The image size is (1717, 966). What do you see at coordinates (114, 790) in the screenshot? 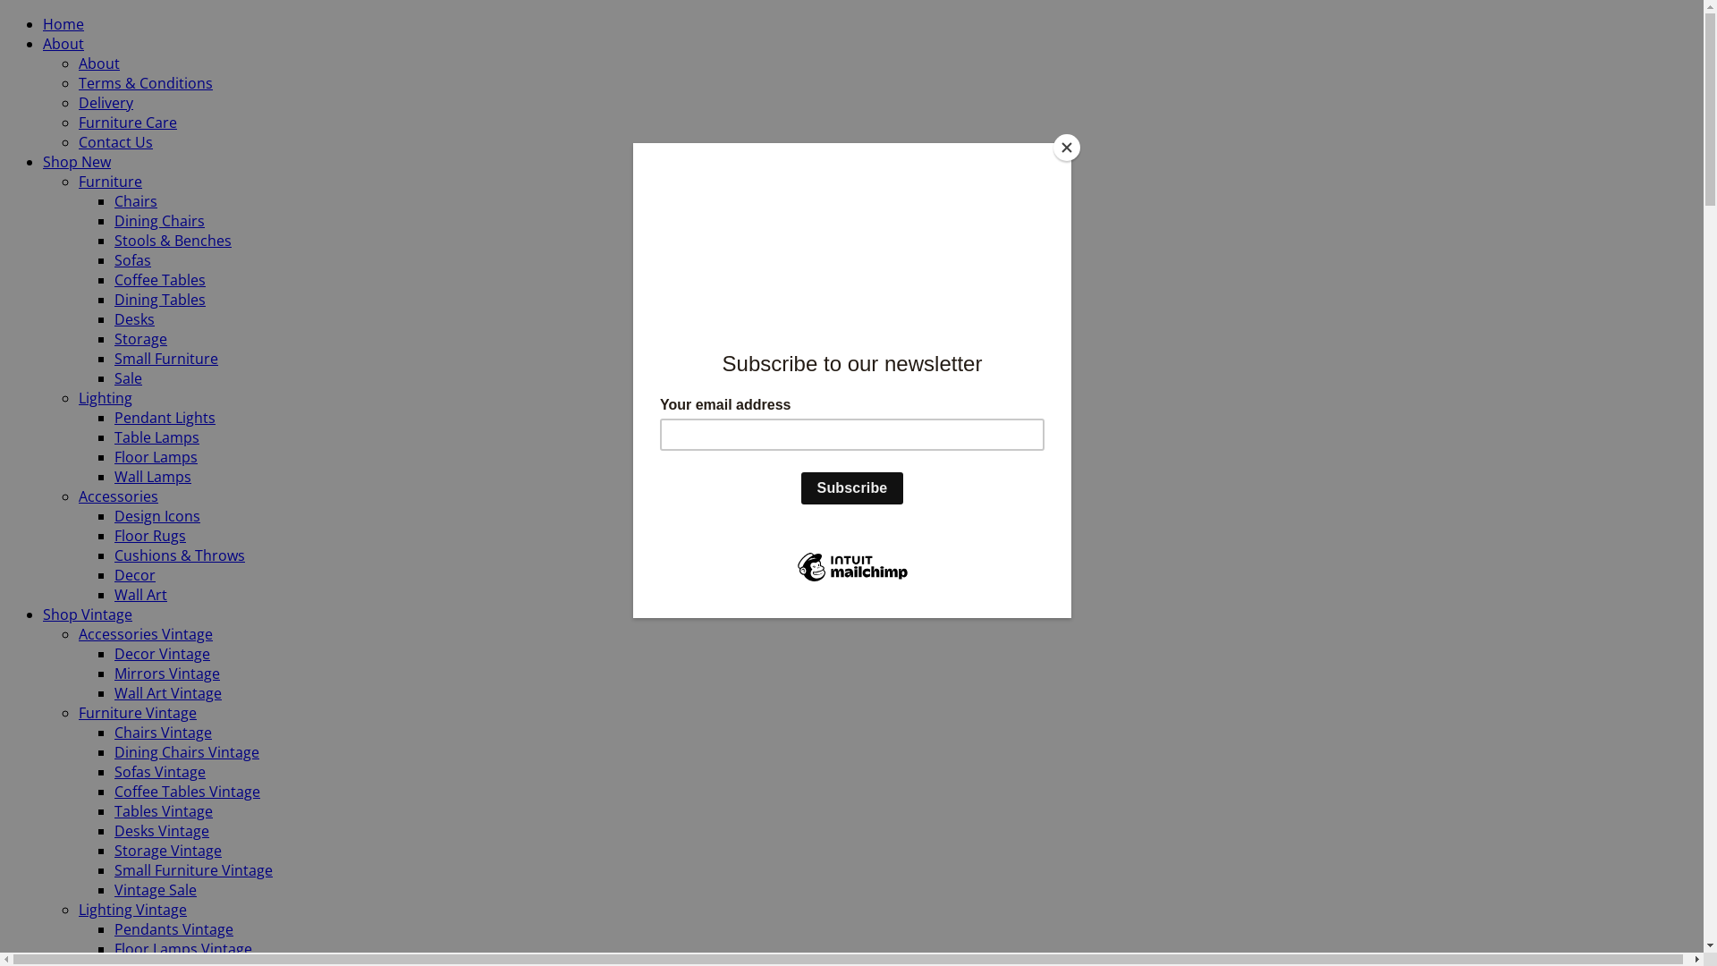
I see `'Coffee Tables Vintage'` at bounding box center [114, 790].